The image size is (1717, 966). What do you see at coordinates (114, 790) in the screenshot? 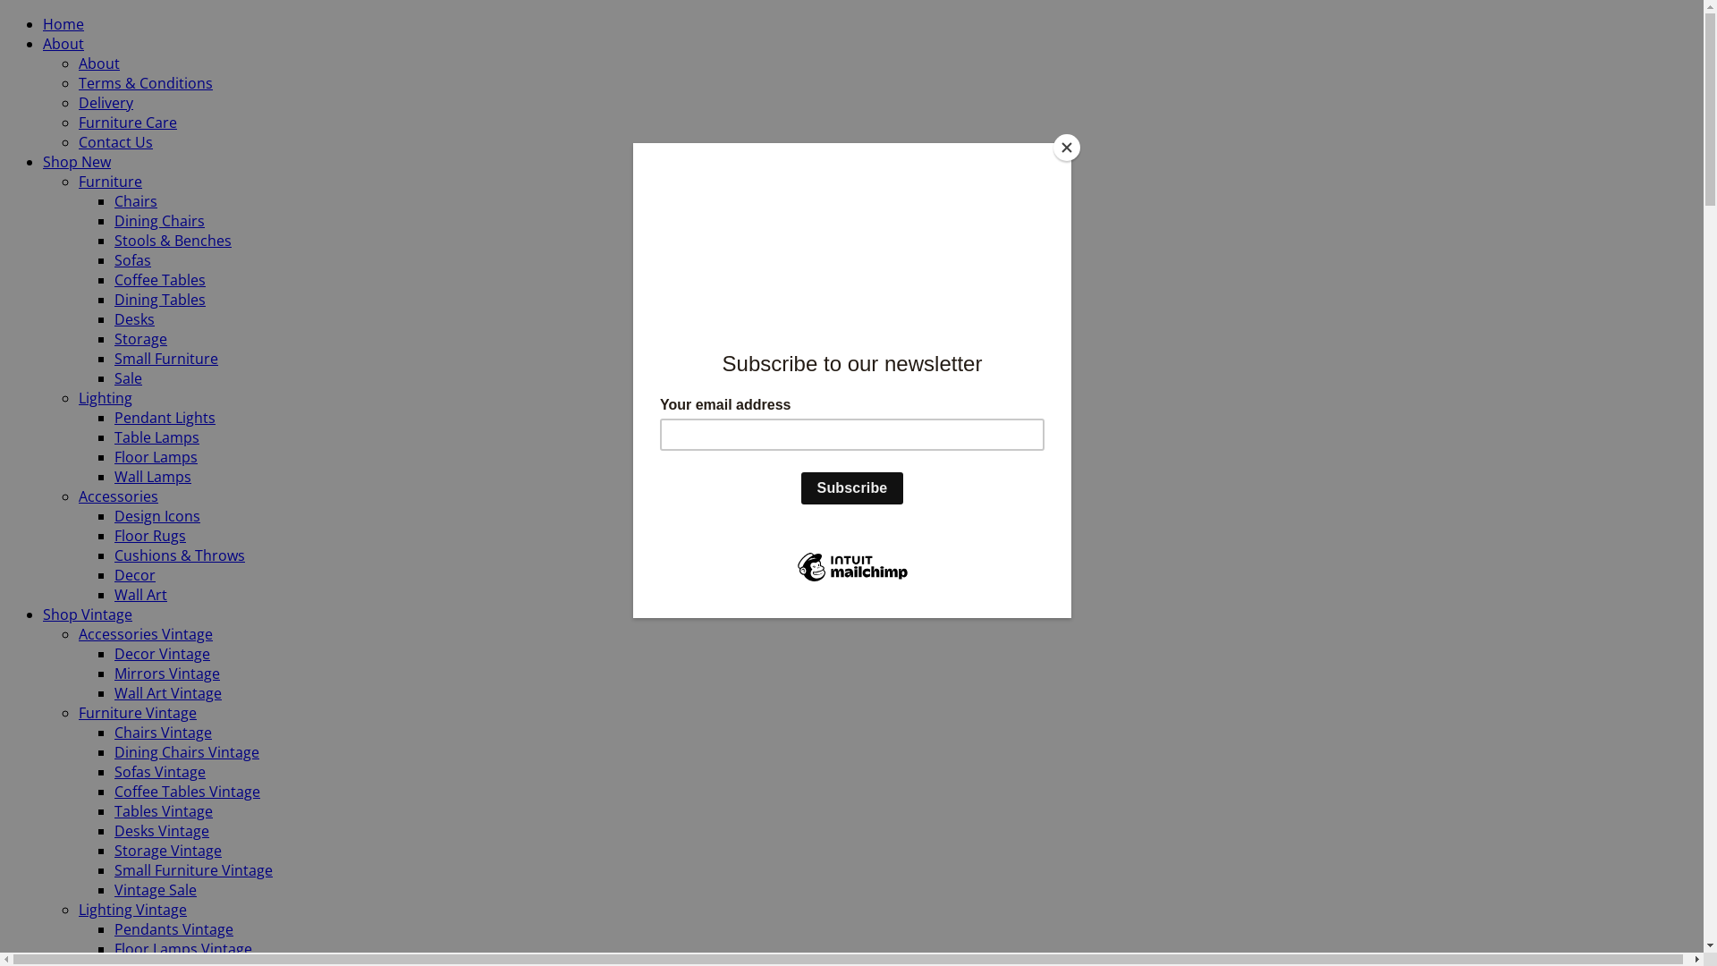
I see `'Coffee Tables Vintage'` at bounding box center [114, 790].